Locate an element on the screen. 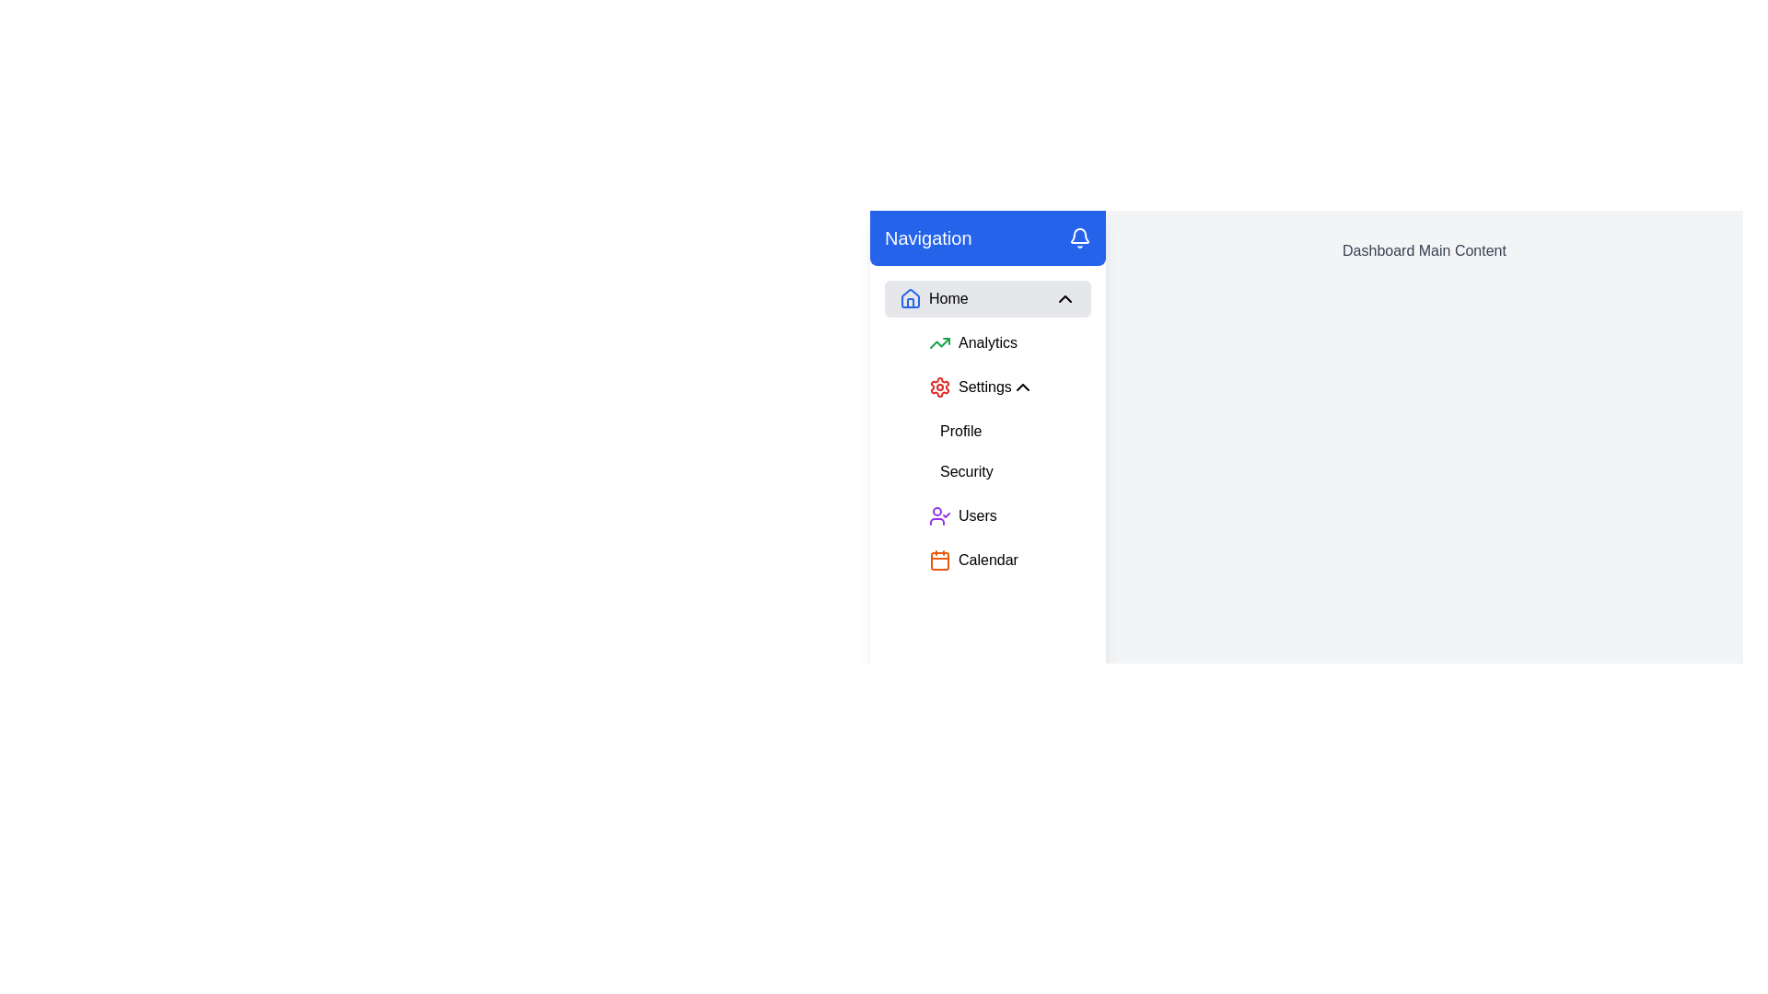  the user figure icon with a checkmark is located at coordinates (940, 515).